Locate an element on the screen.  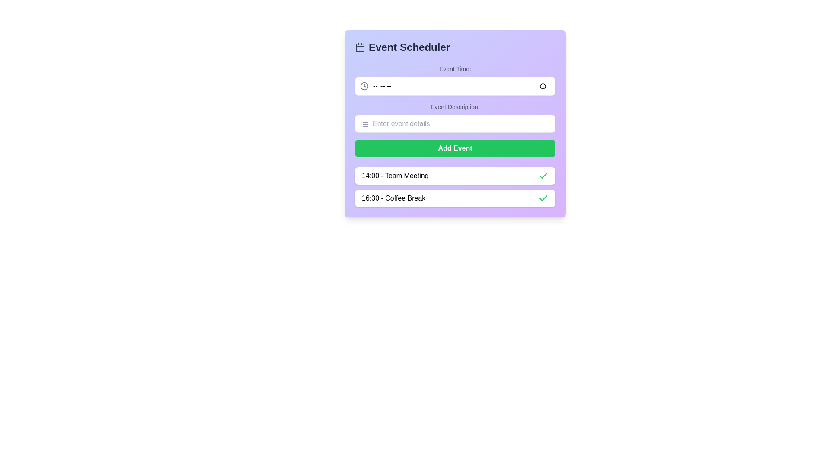
the checkmark icon is located at coordinates (543, 198).